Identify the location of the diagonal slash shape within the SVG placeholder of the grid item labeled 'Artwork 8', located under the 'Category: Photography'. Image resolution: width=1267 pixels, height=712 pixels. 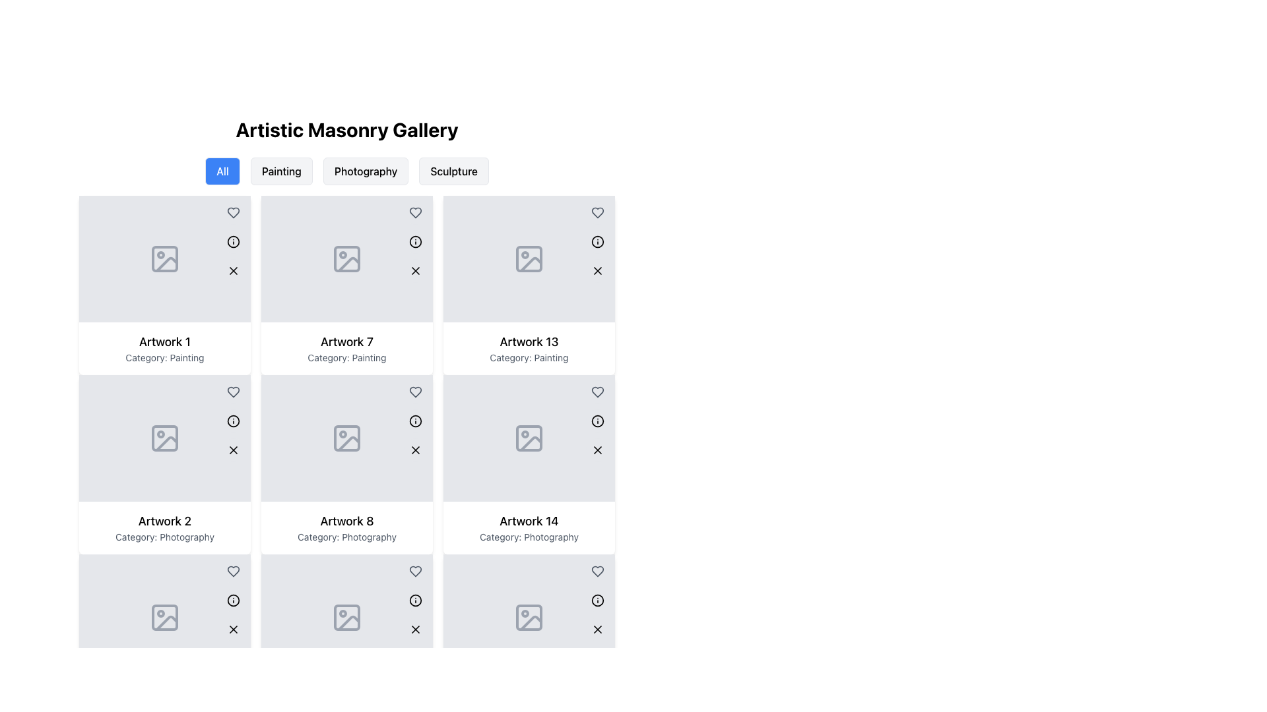
(348, 623).